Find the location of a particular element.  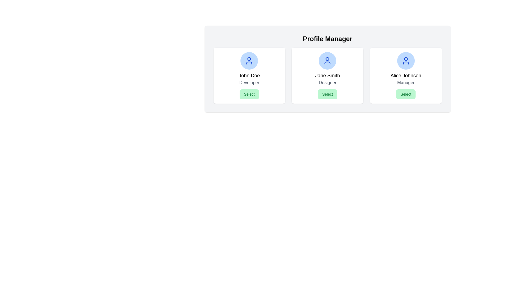

the rounded blue circular icon representing the user, which is centered above the text elements 'John Doe' and 'Developer', as well as the 'Select' button is located at coordinates (249, 61).